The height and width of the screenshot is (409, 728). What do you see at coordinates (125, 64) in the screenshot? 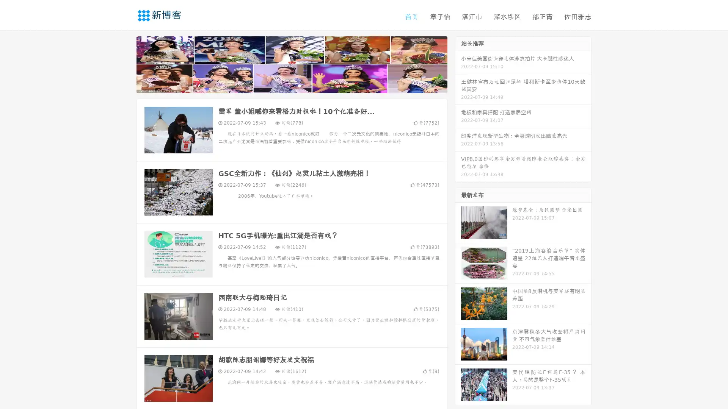
I see `Previous slide` at bounding box center [125, 64].